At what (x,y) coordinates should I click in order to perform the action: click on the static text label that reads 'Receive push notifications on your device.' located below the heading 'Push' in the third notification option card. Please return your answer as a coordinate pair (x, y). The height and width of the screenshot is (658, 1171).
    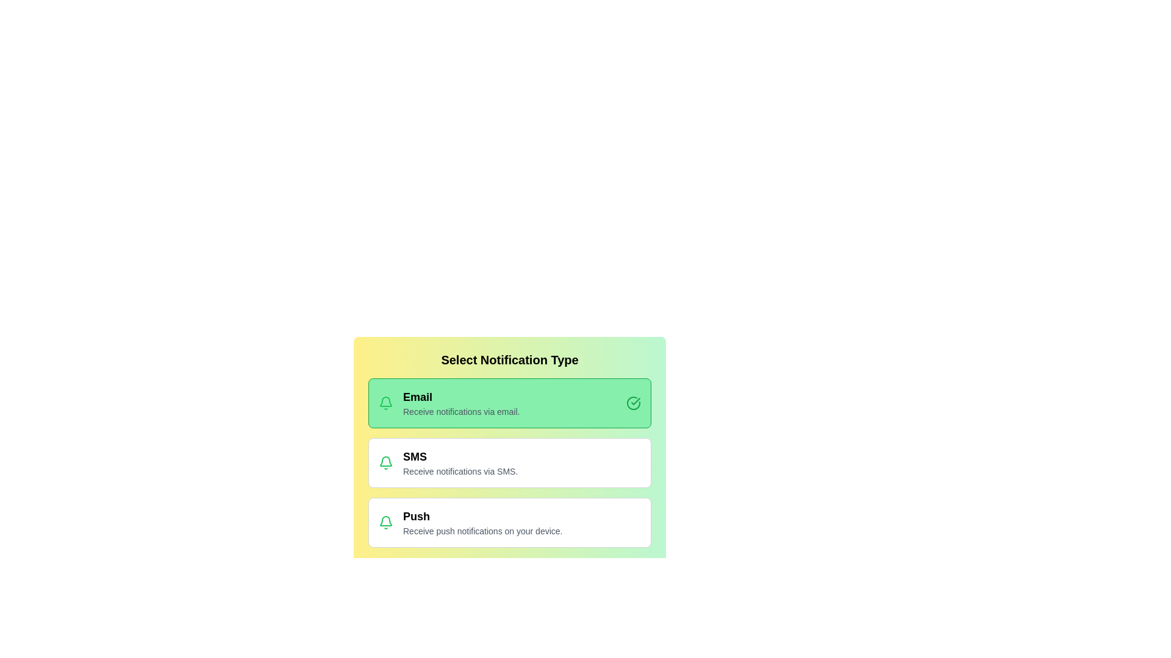
    Looking at the image, I should click on (521, 530).